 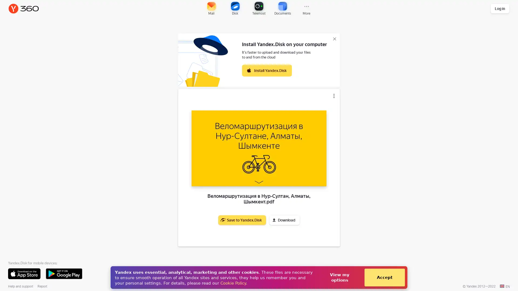 What do you see at coordinates (306, 8) in the screenshot?
I see `More` at bounding box center [306, 8].